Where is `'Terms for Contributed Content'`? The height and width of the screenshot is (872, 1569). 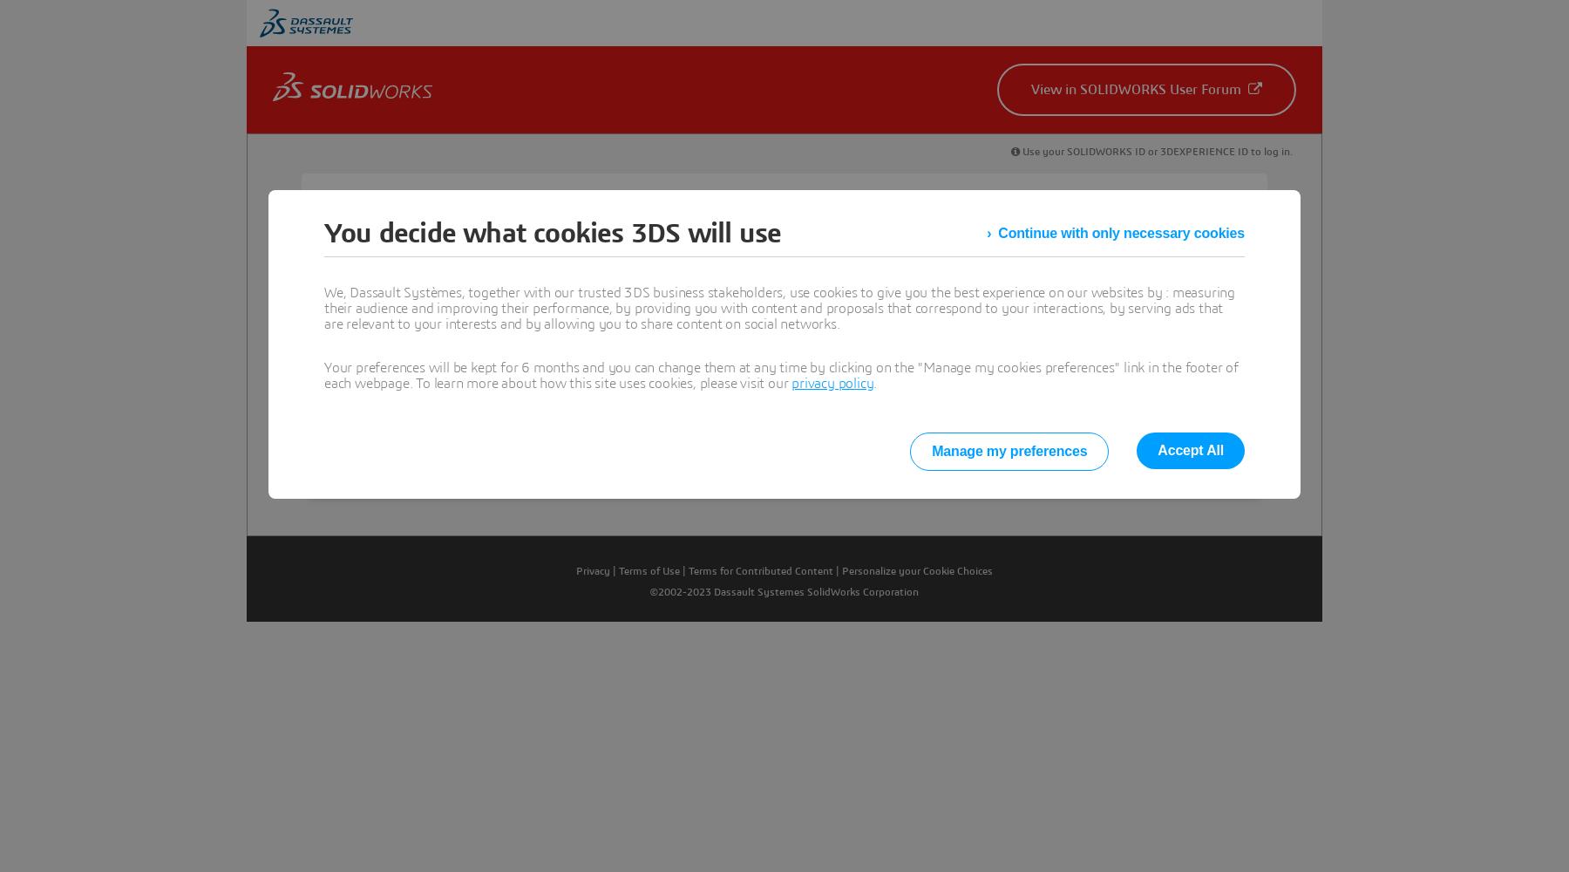 'Terms for Contributed Content' is located at coordinates (762, 570).